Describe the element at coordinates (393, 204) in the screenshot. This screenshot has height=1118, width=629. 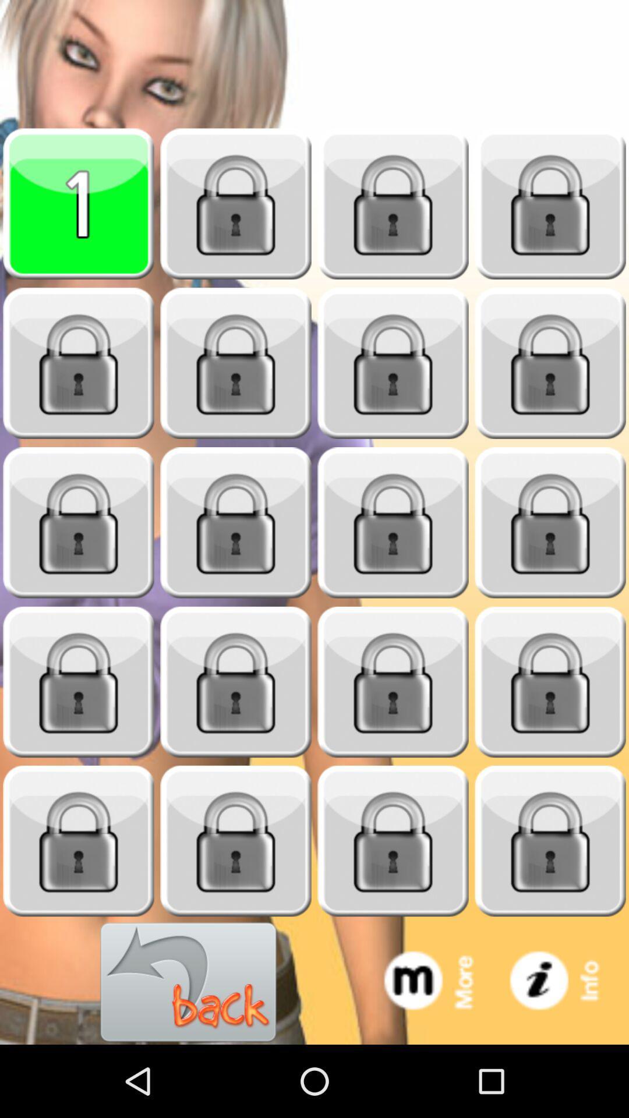
I see `lock` at that location.